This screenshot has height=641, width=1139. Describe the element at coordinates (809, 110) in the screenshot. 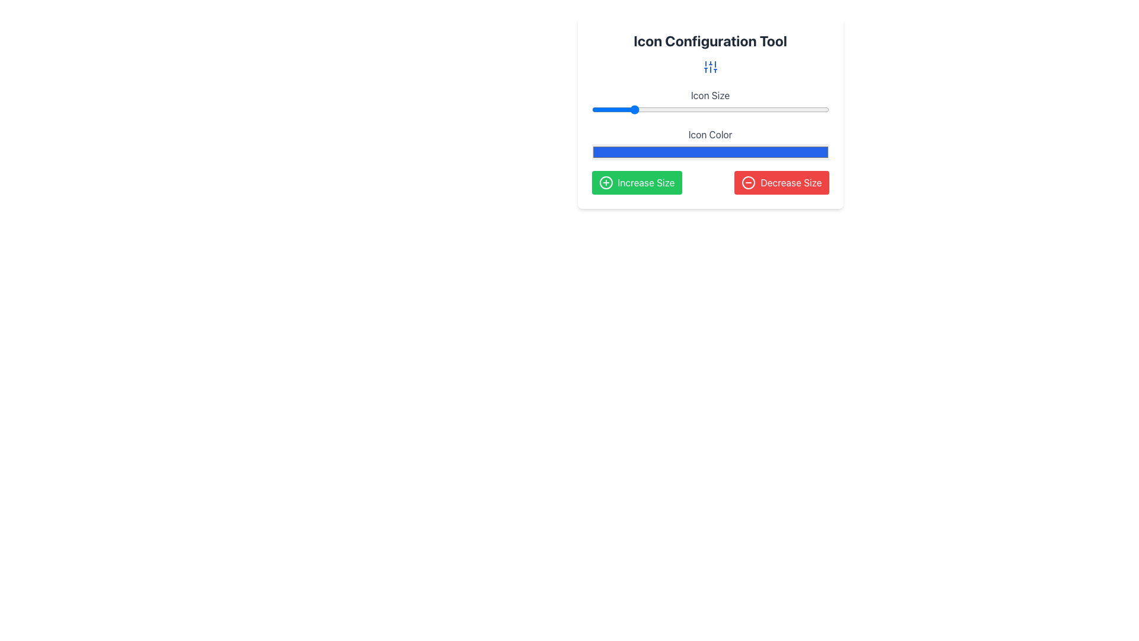

I see `the icon size` at that location.